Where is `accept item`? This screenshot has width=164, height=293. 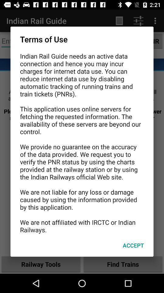 accept item is located at coordinates (133, 245).